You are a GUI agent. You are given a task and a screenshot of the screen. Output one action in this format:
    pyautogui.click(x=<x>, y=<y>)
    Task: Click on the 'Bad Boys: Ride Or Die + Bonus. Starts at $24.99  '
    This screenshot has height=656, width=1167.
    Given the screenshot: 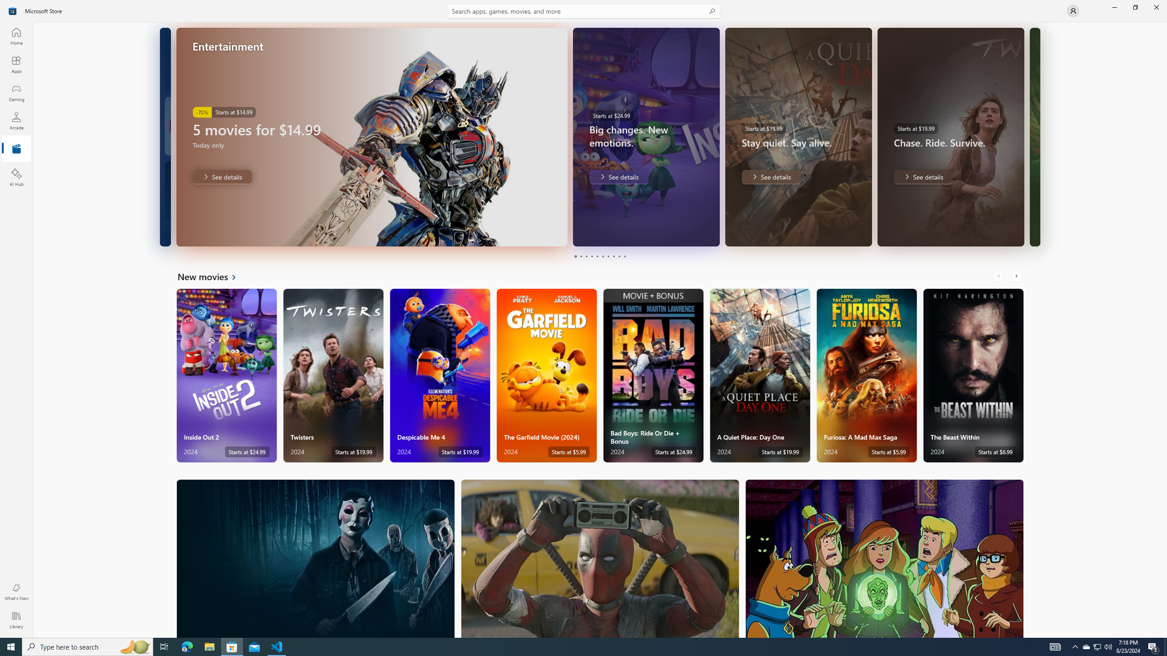 What is the action you would take?
    pyautogui.click(x=652, y=375)
    